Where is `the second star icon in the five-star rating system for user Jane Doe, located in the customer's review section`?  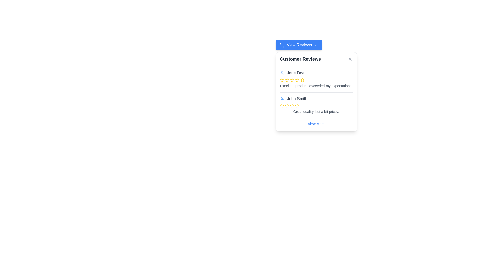 the second star icon in the five-star rating system for user Jane Doe, located in the customer's review section is located at coordinates (287, 80).